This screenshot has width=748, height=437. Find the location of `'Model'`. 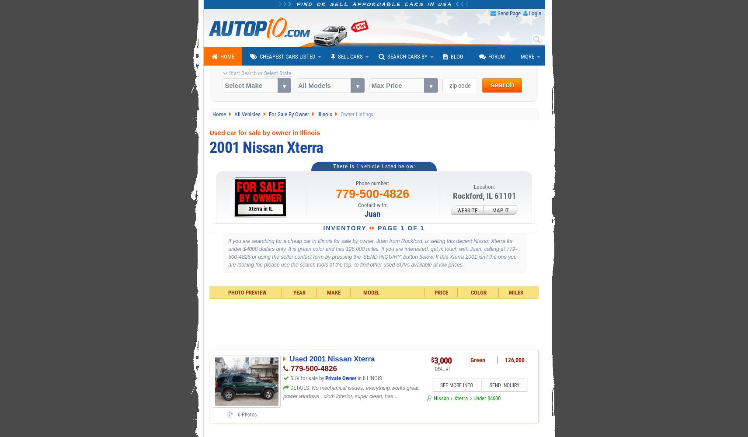

'Model' is located at coordinates (370, 292).